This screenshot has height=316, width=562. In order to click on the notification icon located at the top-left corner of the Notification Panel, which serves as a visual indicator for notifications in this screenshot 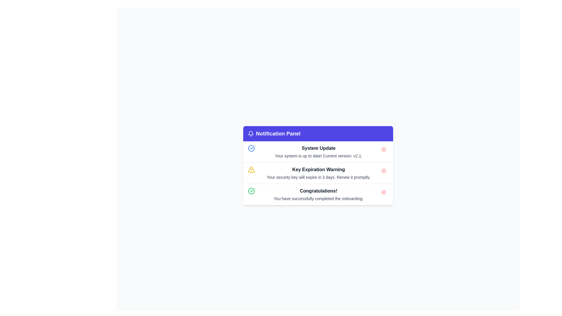, I will do `click(251, 133)`.